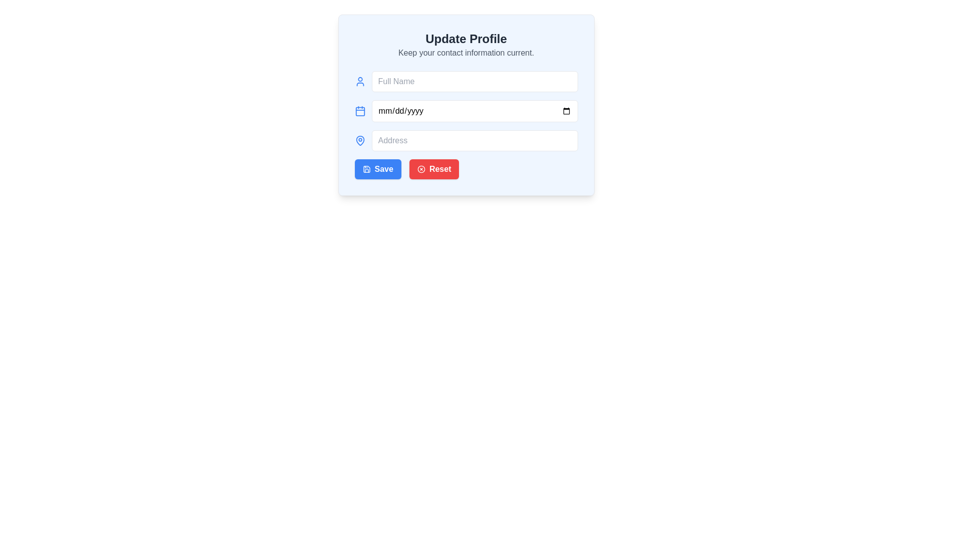 The image size is (961, 541). What do you see at coordinates (421, 169) in the screenshot?
I see `the 'Reset' button located at the bottom right of the interface, which is visually indicated by the icon to its left` at bounding box center [421, 169].